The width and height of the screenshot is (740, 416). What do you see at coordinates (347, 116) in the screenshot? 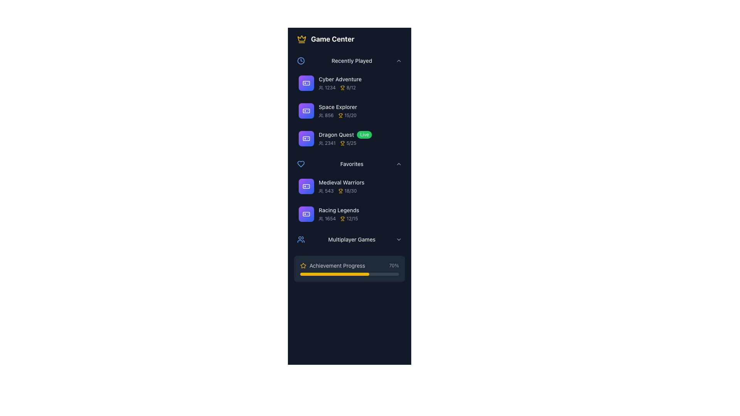
I see `the achievement progress component for the game 'Space Explorer', which displays 15 out of 20 achievements completed` at bounding box center [347, 116].